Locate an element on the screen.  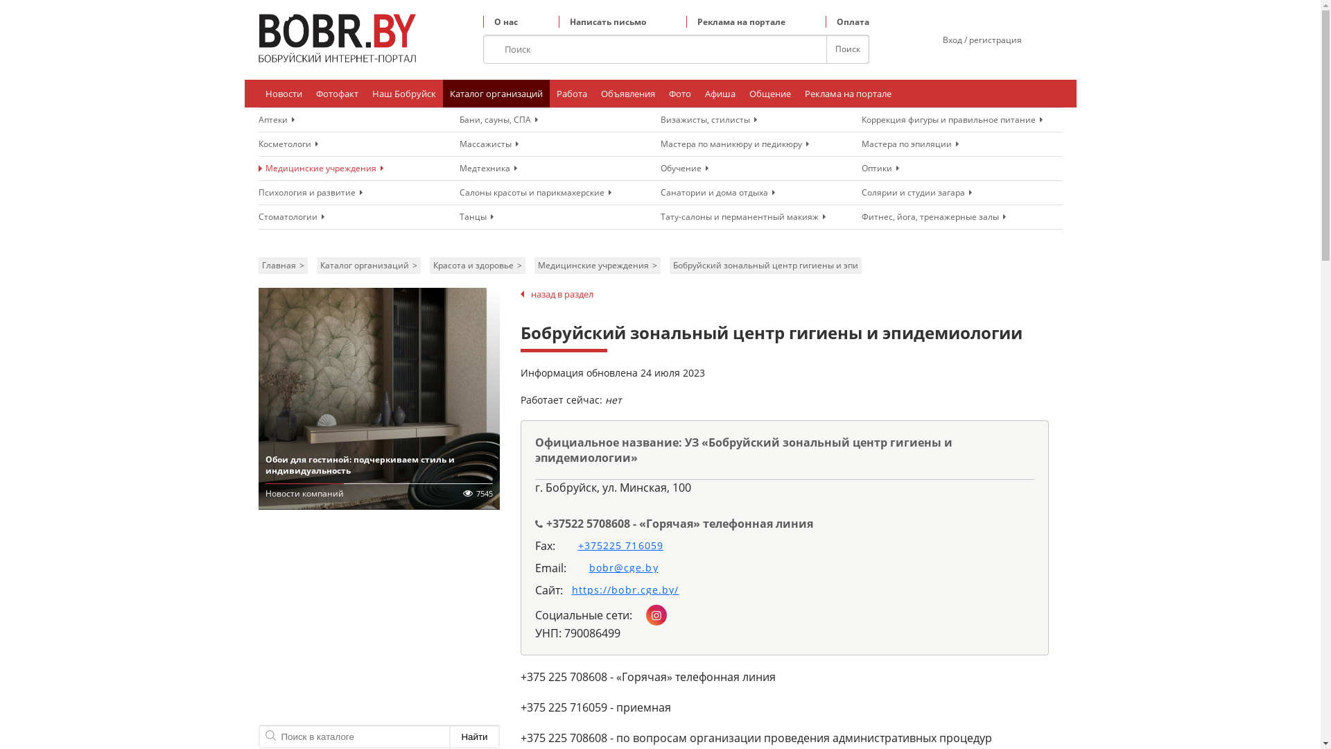
'+375225 716059' is located at coordinates (615, 544).